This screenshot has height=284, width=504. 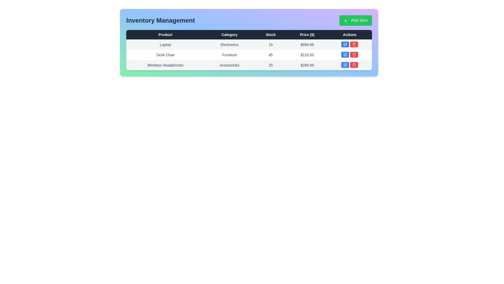 I want to click on the text in the 'Category' column of the table that specifies the product 'Wireless Headphones', so click(x=229, y=65).